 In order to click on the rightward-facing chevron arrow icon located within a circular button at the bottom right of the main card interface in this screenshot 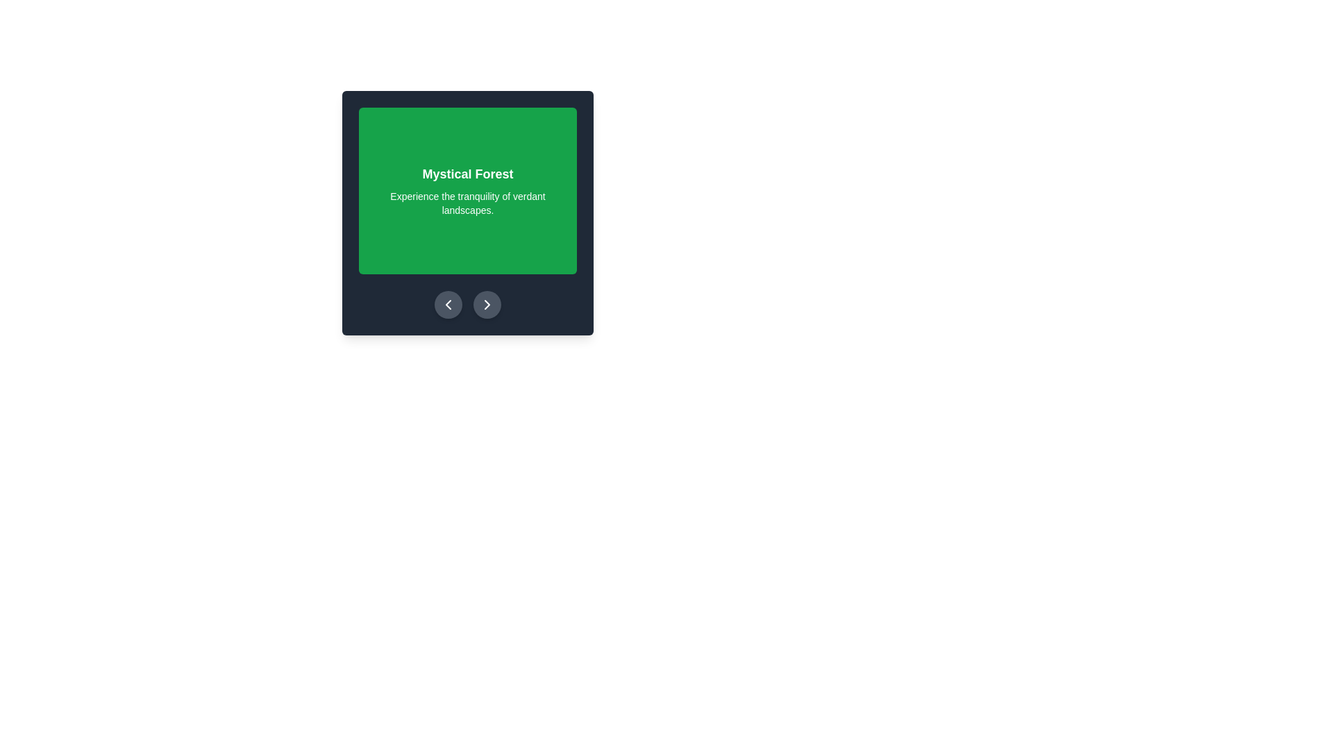, I will do `click(487, 304)`.